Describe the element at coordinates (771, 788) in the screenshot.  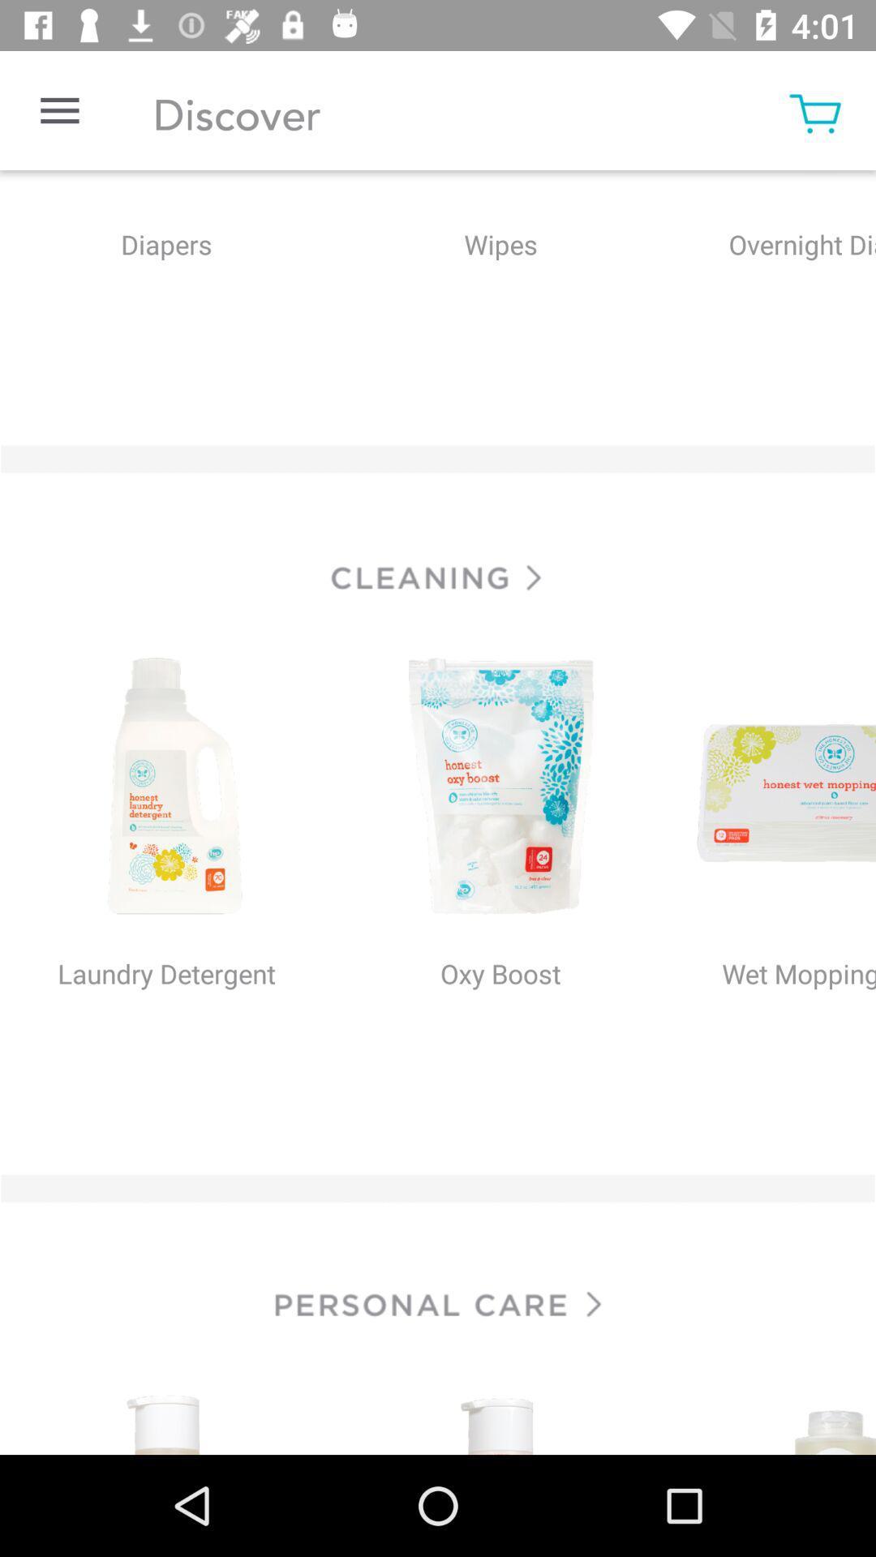
I see `top of wet mopping` at that location.